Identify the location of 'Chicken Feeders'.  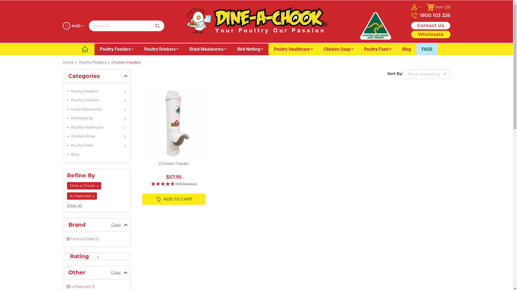
(126, 62).